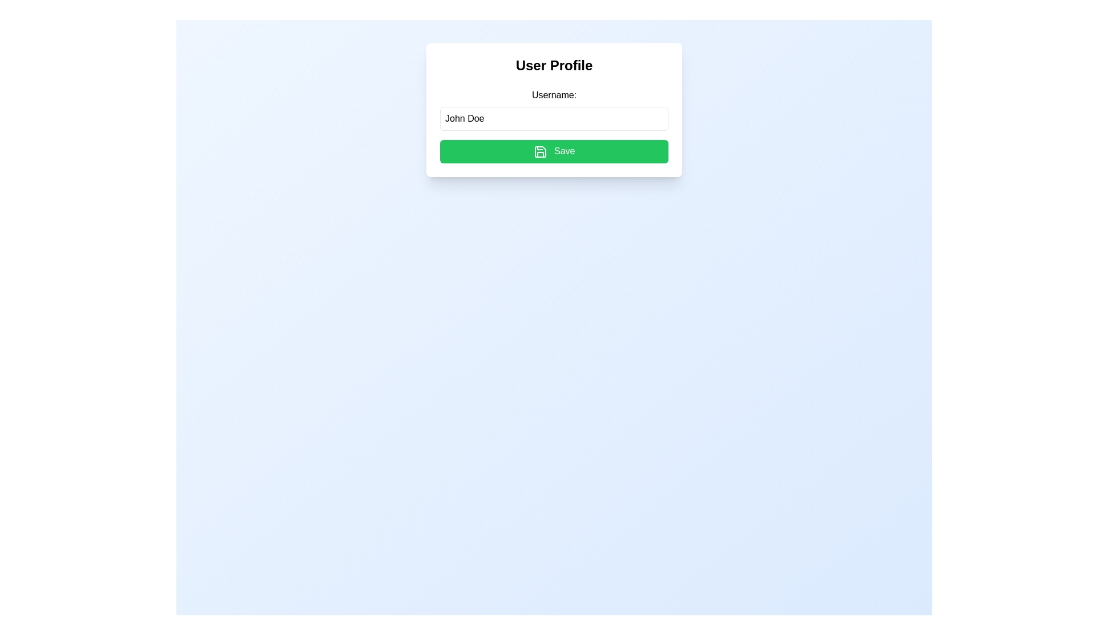 The width and height of the screenshot is (1096, 617). What do you see at coordinates (539, 151) in the screenshot?
I see `the green button labeled 'Save' that contains a floppy disk icon, located at the center bottom of a white card layout, to perform the save action` at bounding box center [539, 151].